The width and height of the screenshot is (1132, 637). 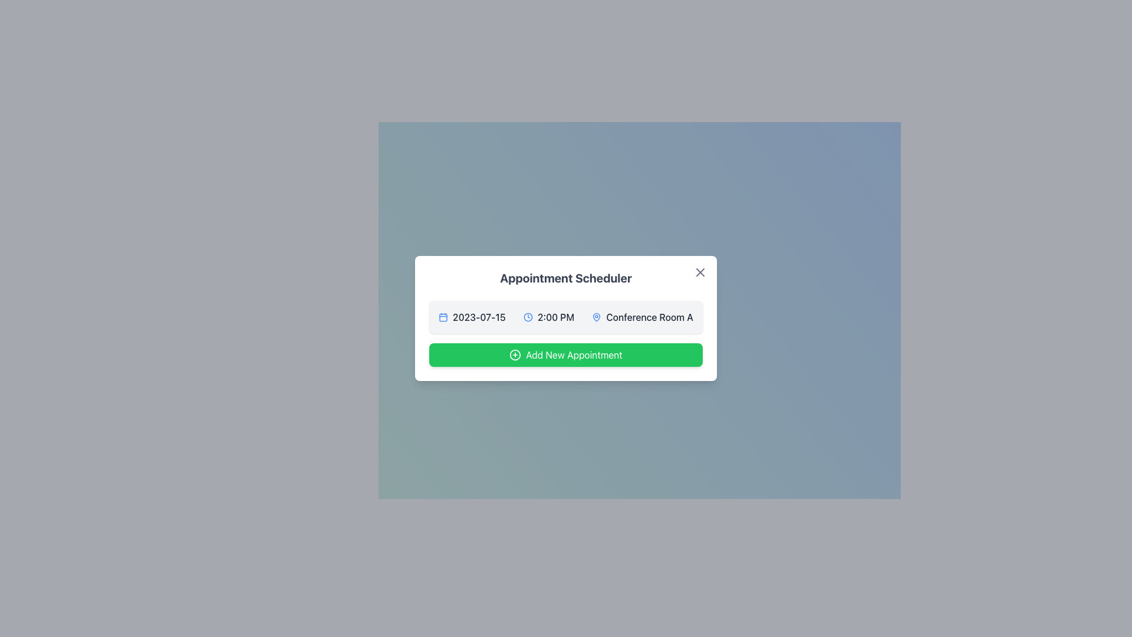 I want to click on the static text label displaying 'Conference Room A', which is located to the right of the blue location pin icon, so click(x=649, y=316).